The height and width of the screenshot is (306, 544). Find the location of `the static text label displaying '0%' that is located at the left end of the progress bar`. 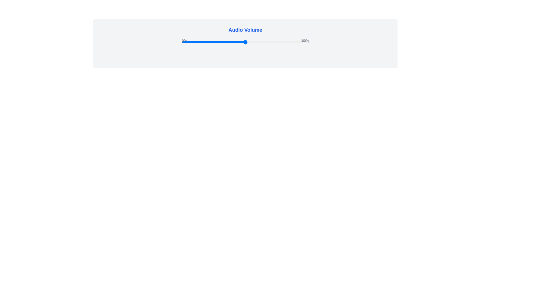

the static text label displaying '0%' that is located at the left end of the progress bar is located at coordinates (184, 40).